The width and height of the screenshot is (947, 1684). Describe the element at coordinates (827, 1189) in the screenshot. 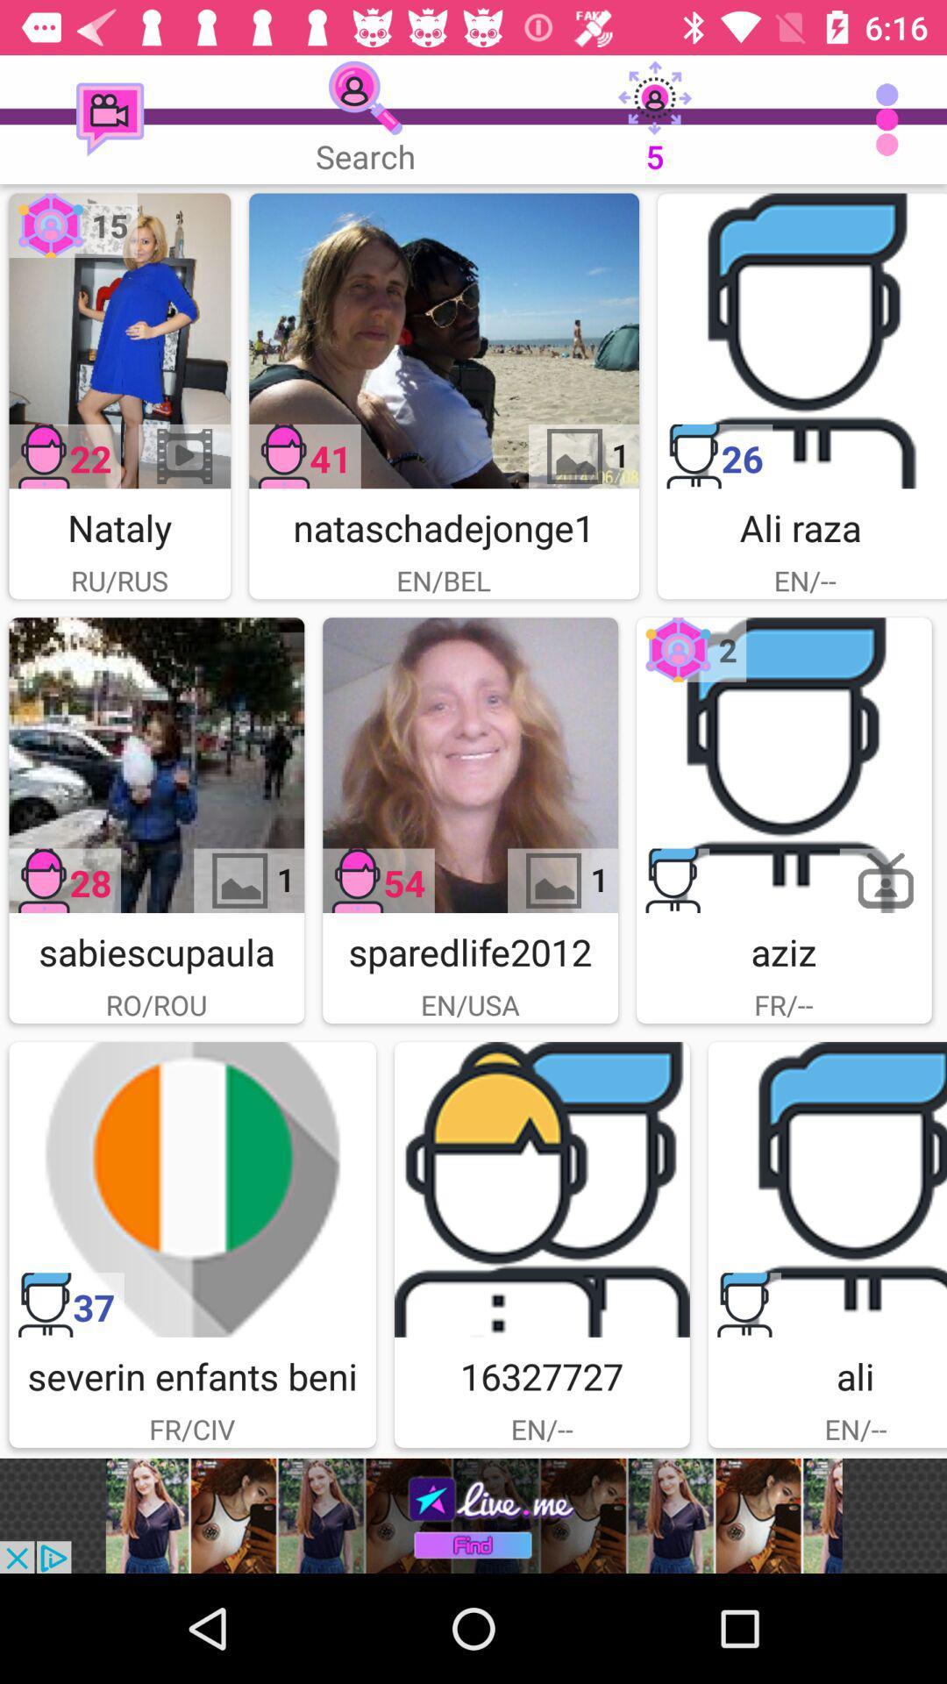

I see `advertisement` at that location.